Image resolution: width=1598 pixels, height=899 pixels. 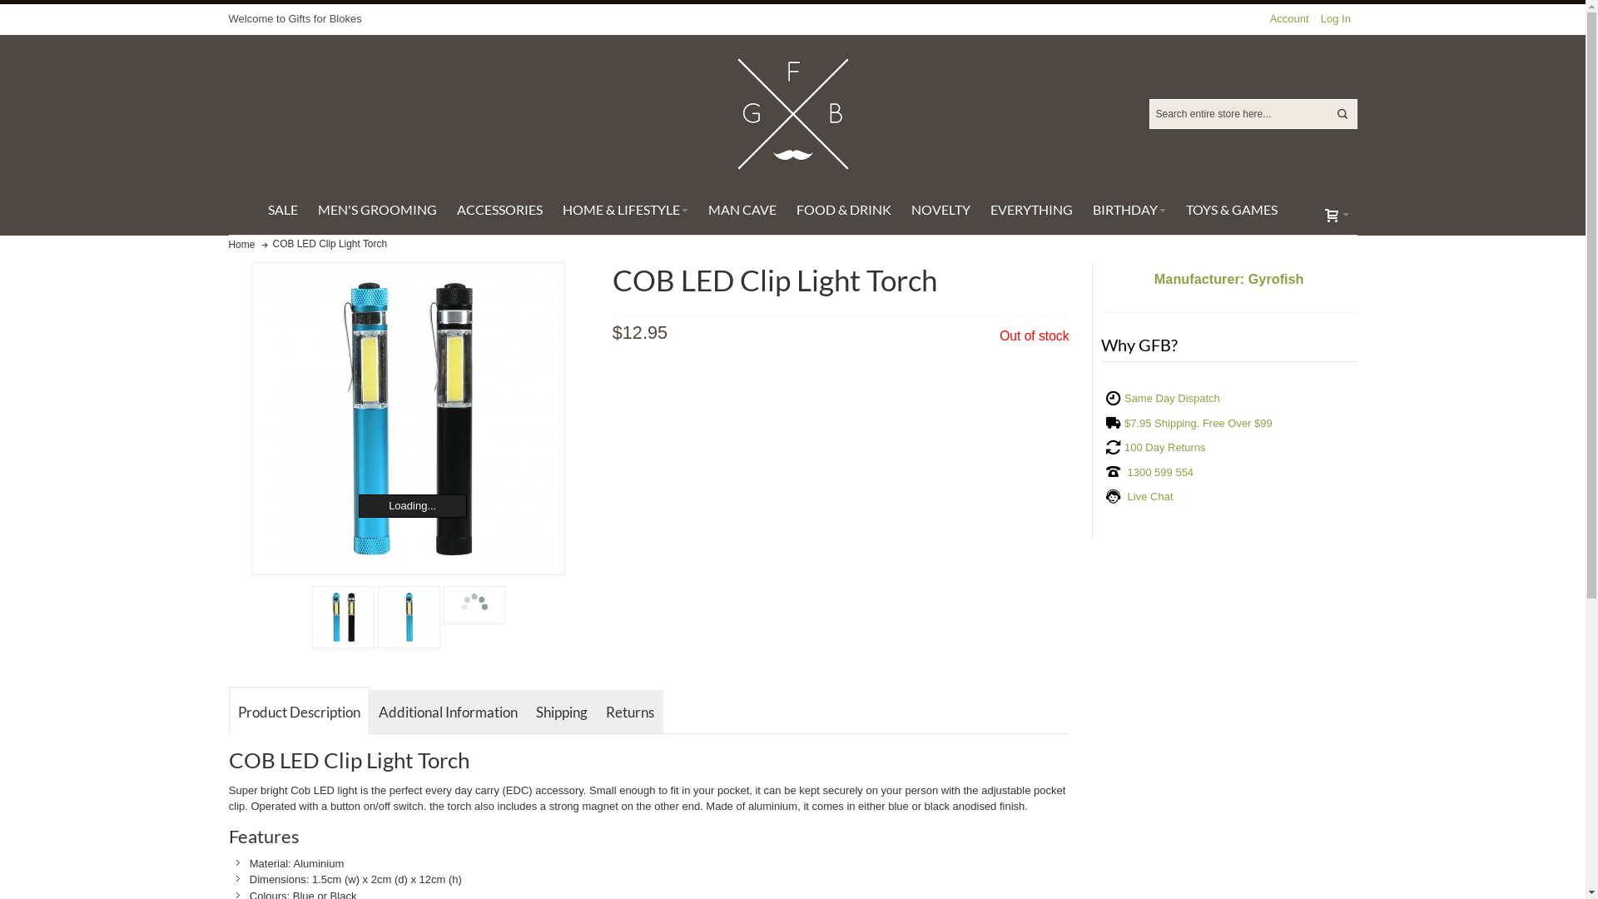 I want to click on 'MAN CAVE', so click(x=697, y=208).